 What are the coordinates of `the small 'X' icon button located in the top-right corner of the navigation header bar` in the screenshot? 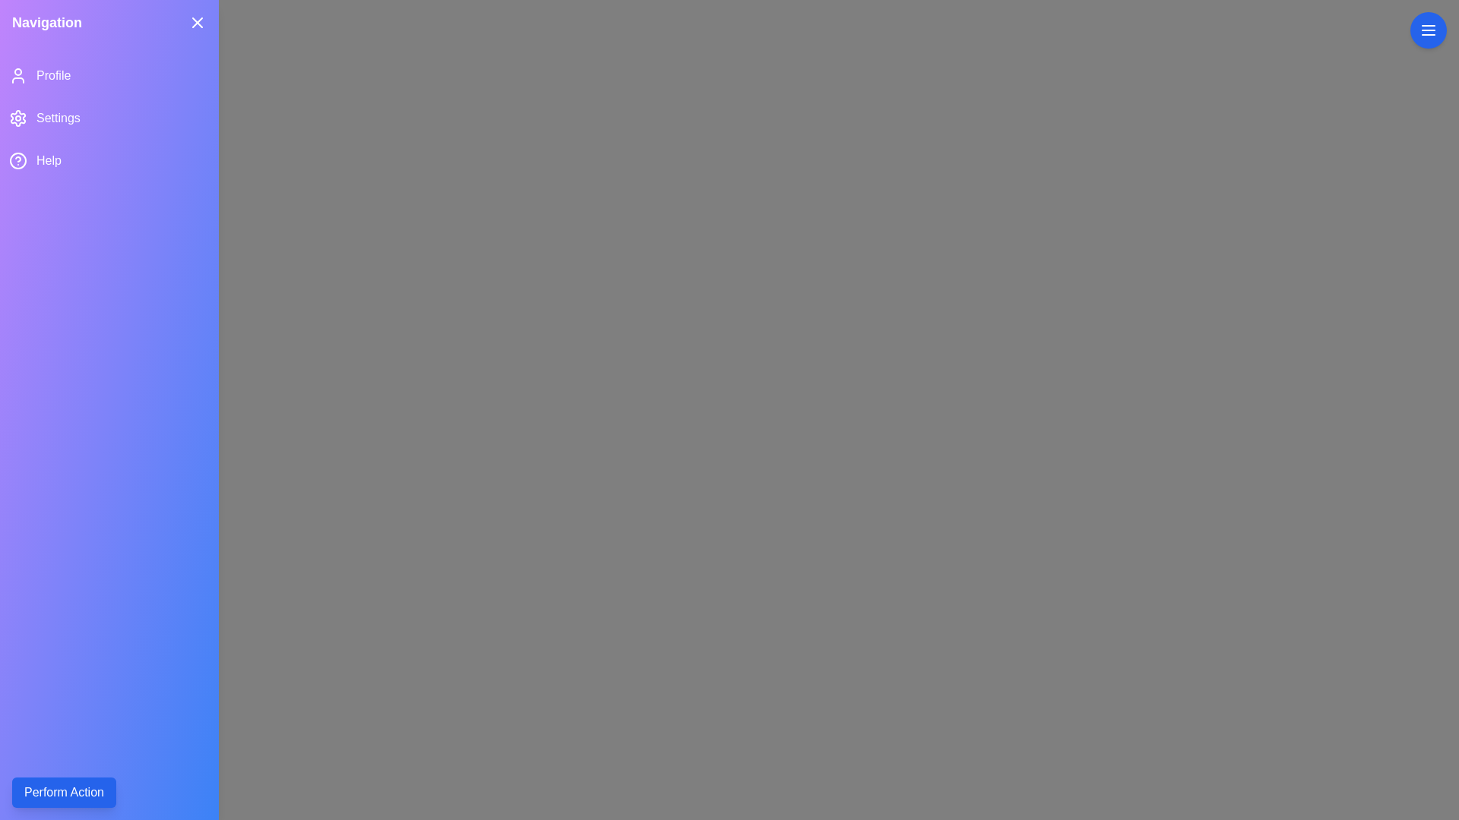 It's located at (196, 23).